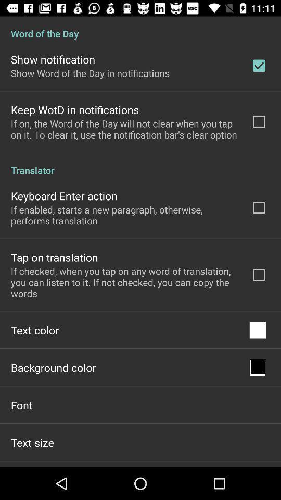 The height and width of the screenshot is (500, 281). What do you see at coordinates (32, 442) in the screenshot?
I see `text size` at bounding box center [32, 442].